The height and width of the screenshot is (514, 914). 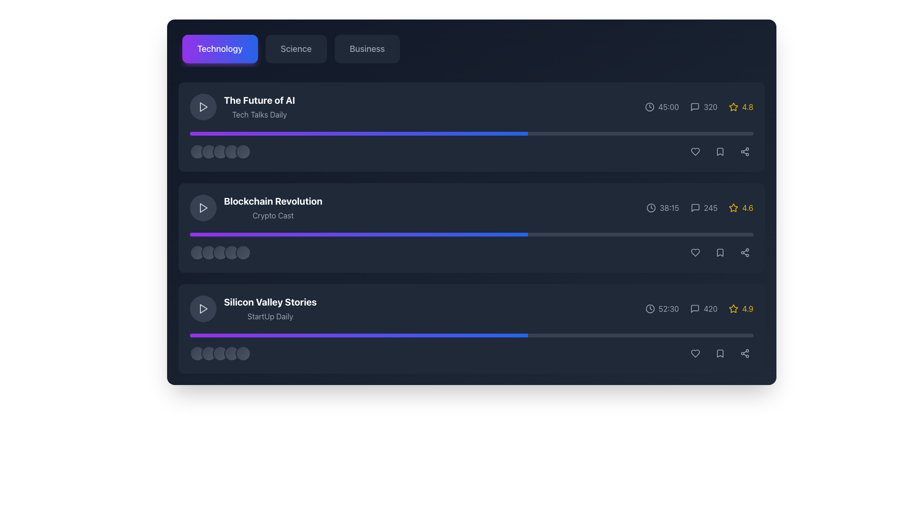 I want to click on the rating score display element, which is a composite of a star icon and text showing the rating value, located at the far right side of a horizontal row, so click(x=740, y=107).